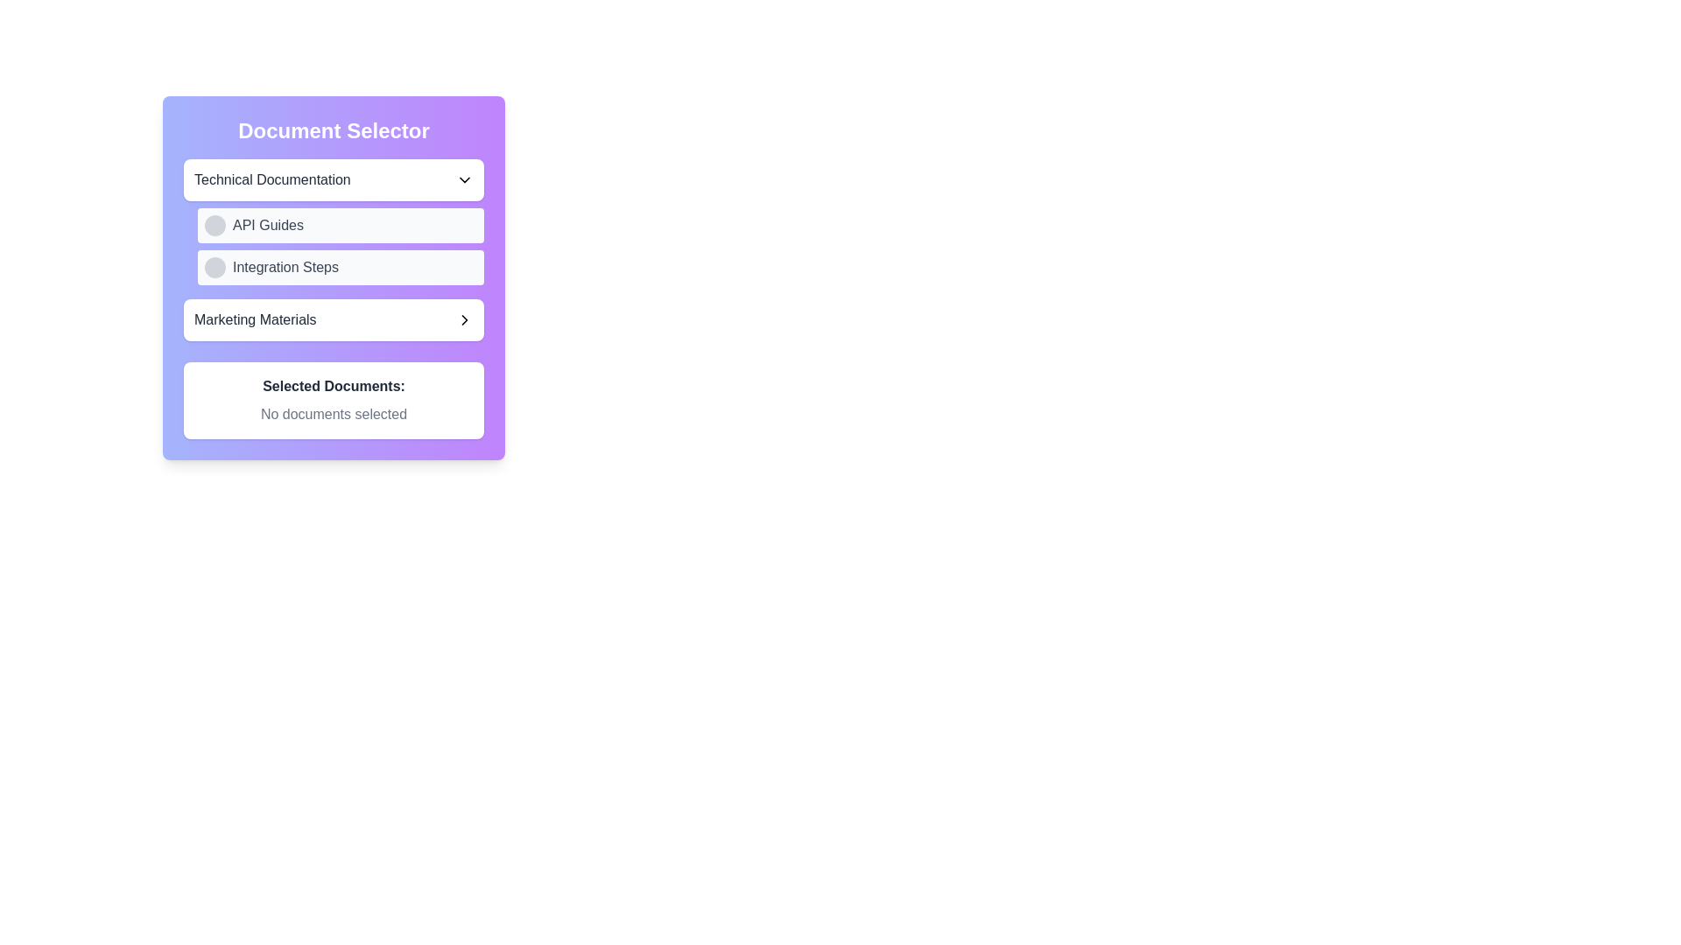 Image resolution: width=1681 pixels, height=945 pixels. What do you see at coordinates (341, 246) in the screenshot?
I see `the 'API Guides' and 'Integration Steps' row in the Document Selector panel` at bounding box center [341, 246].